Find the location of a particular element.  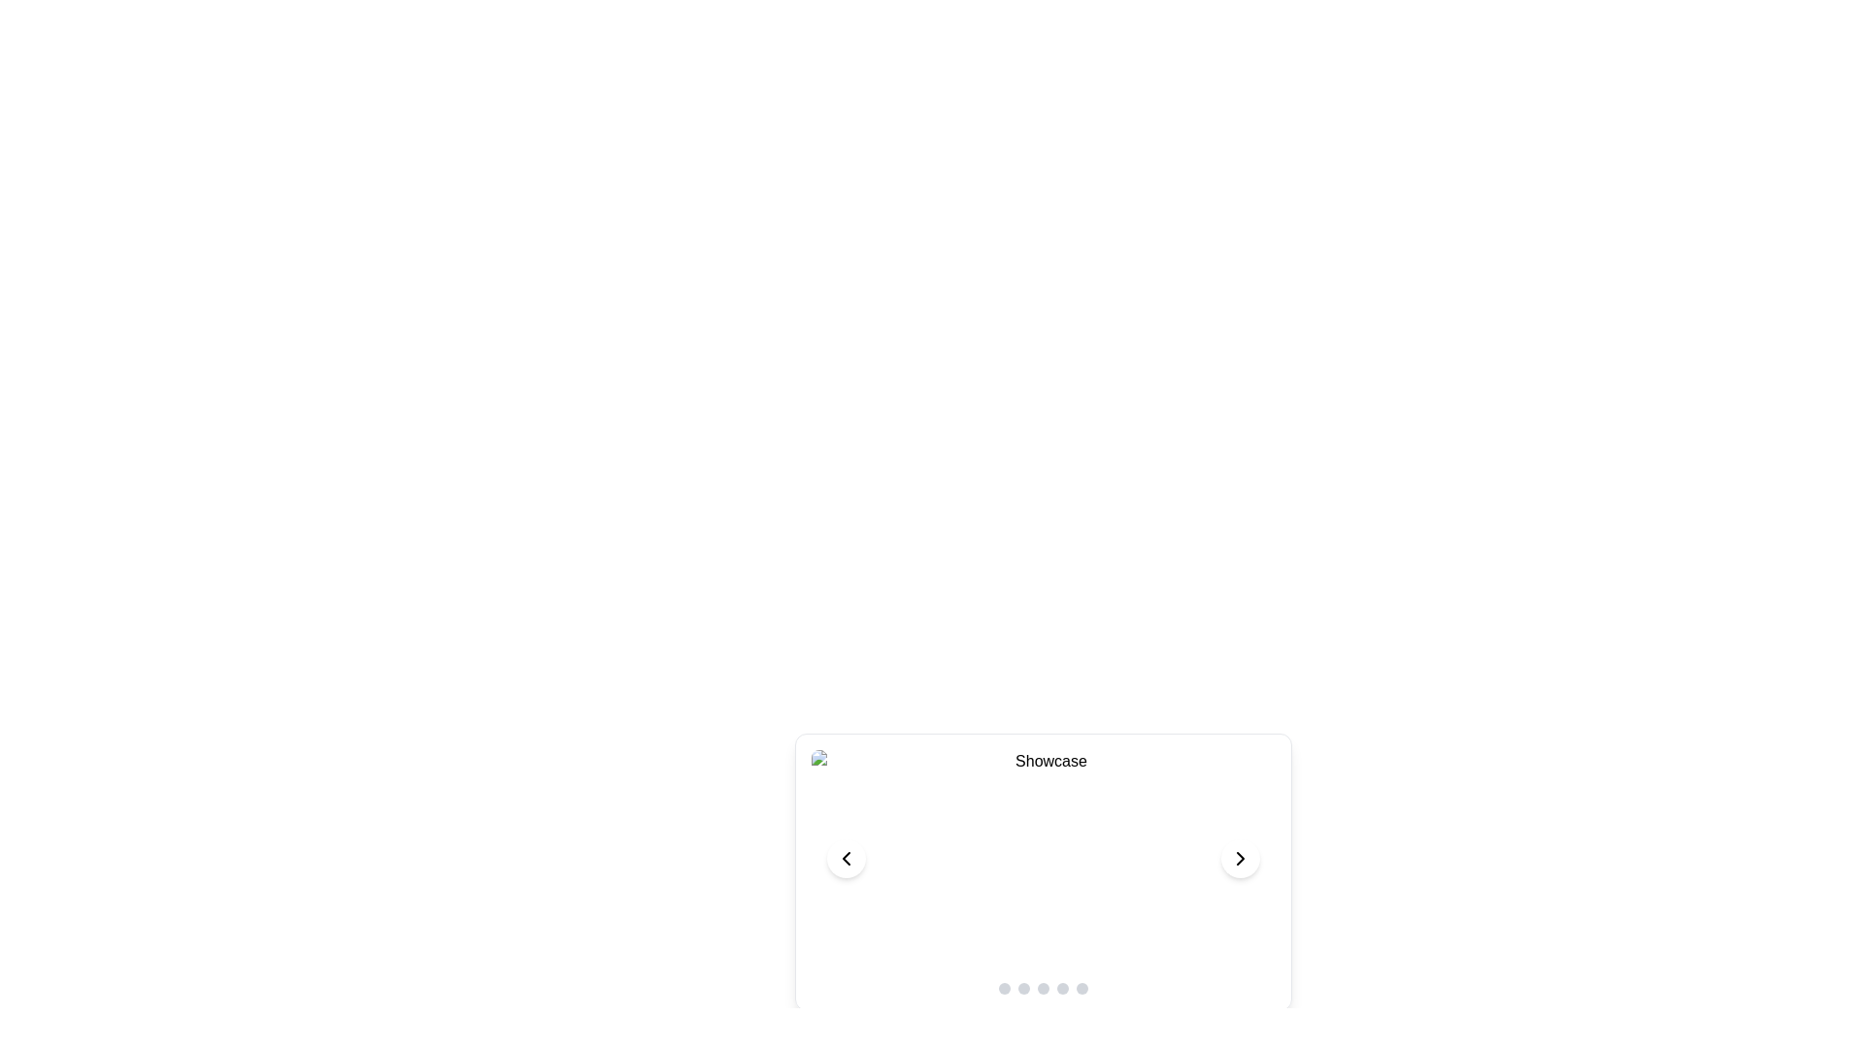

the fourth circular interactive indicator button with a gray background located under the main showcase section is located at coordinates (1061, 988).